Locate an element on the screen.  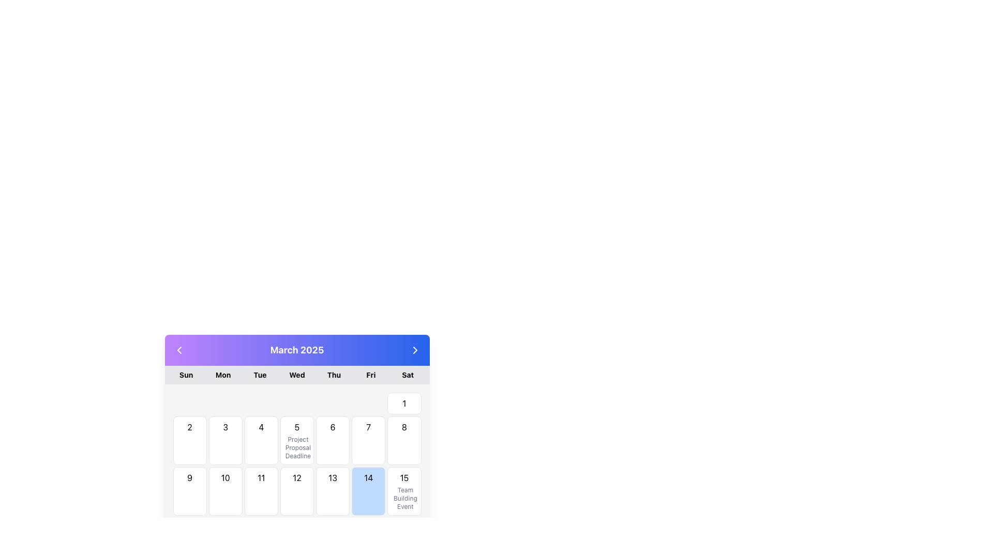
the label indicating 'Tuesday' in the calendar header, which is the third day abbreviation in a horizontal sequence of seven days is located at coordinates (260, 375).